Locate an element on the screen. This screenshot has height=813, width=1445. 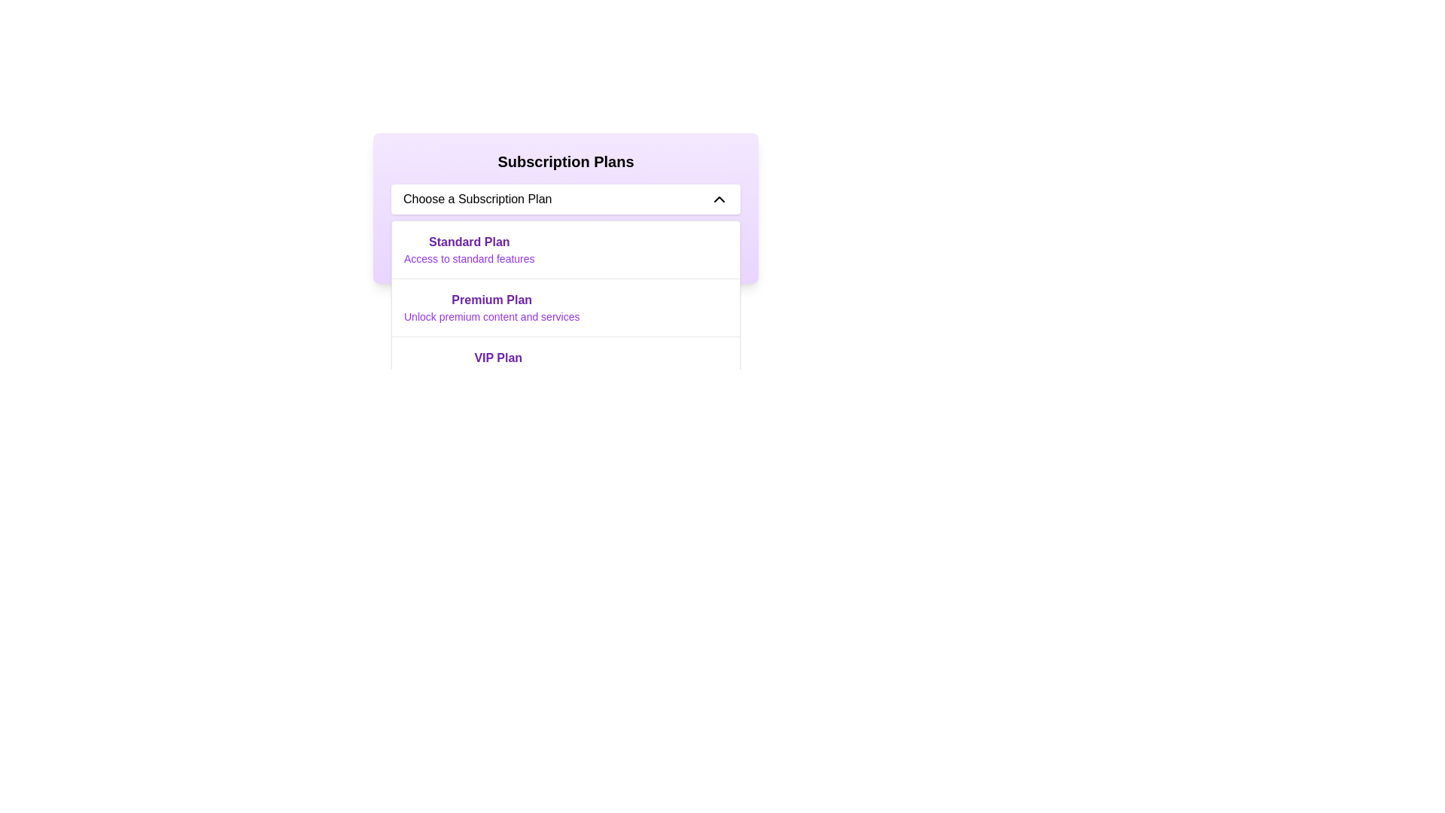
the label reading 'Choose a Subscription Plan', which is centrally aligned within the dropdown menu for subscription choices is located at coordinates (476, 199).